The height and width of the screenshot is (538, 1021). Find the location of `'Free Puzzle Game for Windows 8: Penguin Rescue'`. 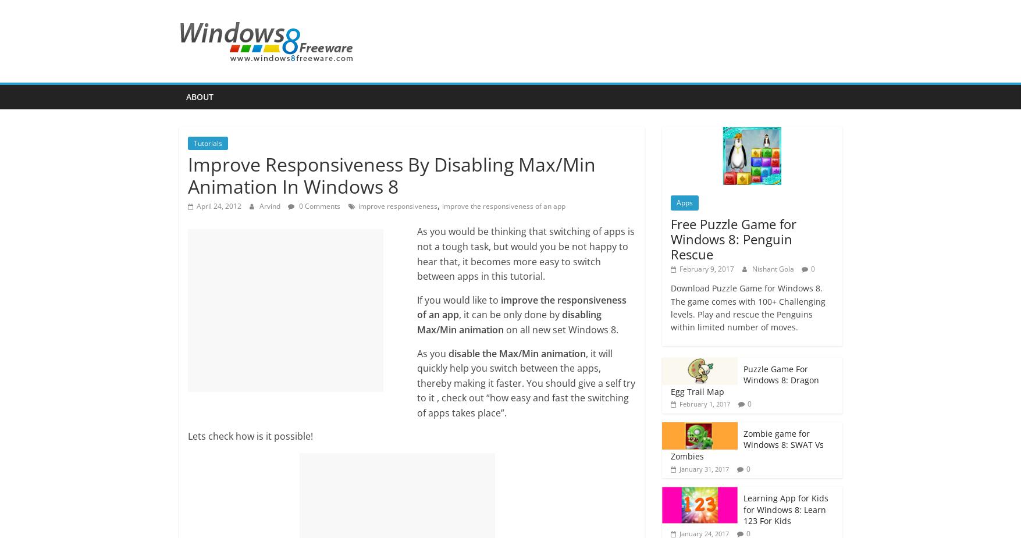

'Free Puzzle Game for Windows 8: Penguin Rescue' is located at coordinates (732, 238).